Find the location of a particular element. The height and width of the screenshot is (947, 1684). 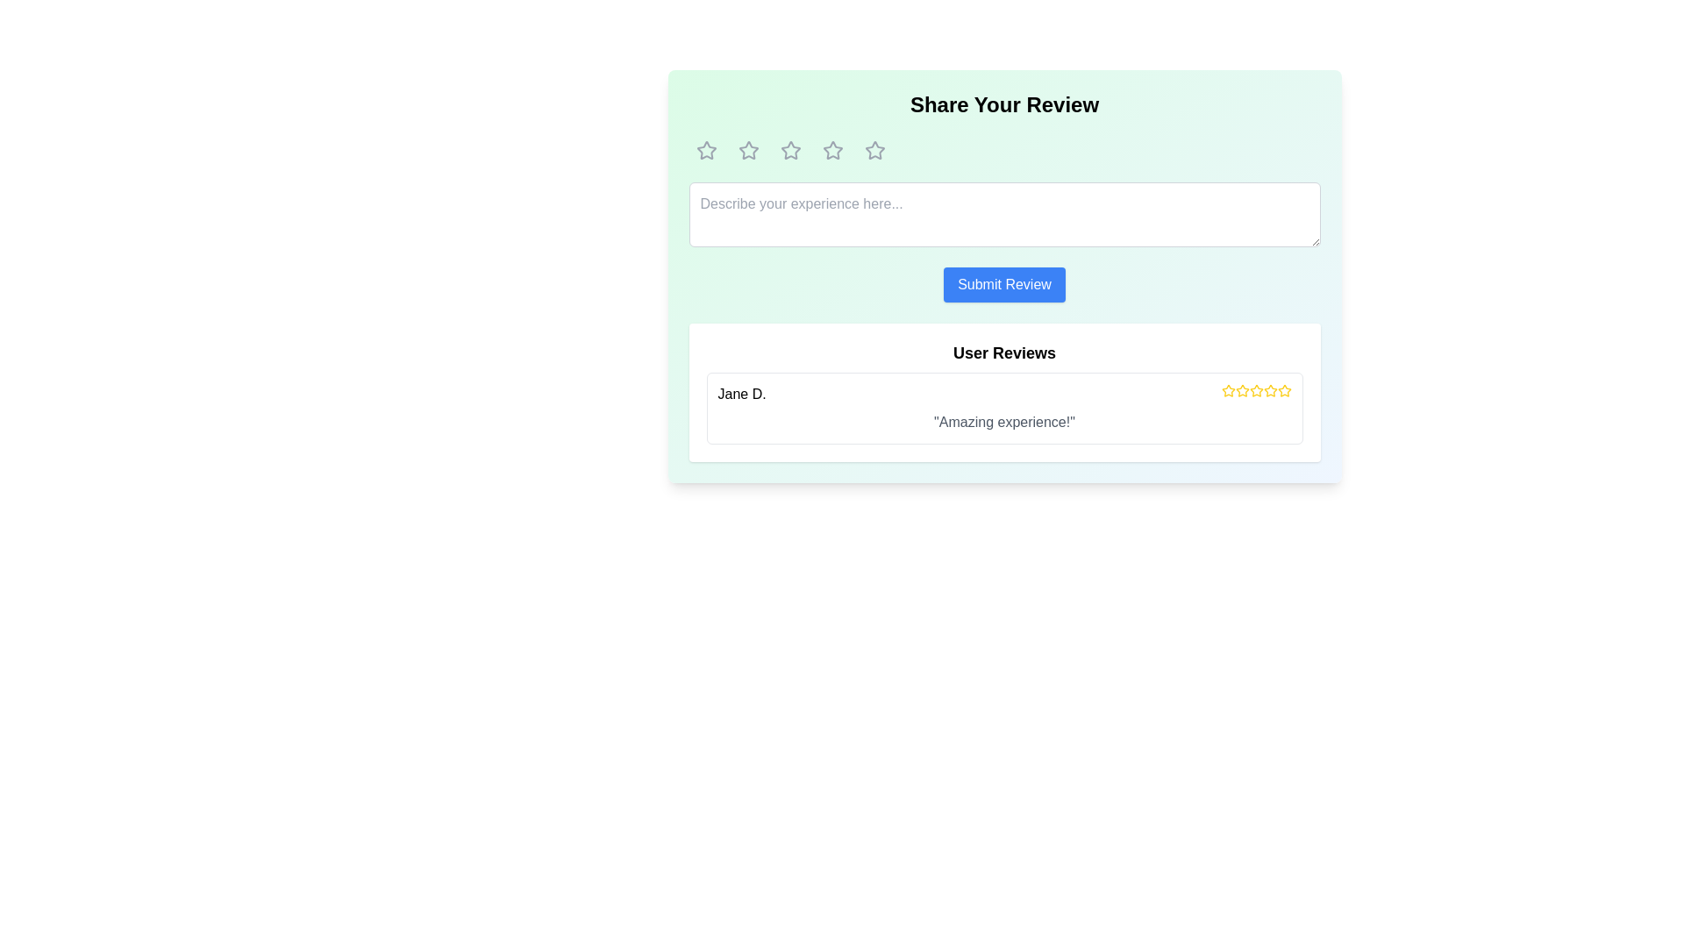

the fourth star button for rating, which is located between the third and fifth stars in a row of five stars near the top of the modal dialog box is located at coordinates (831, 150).